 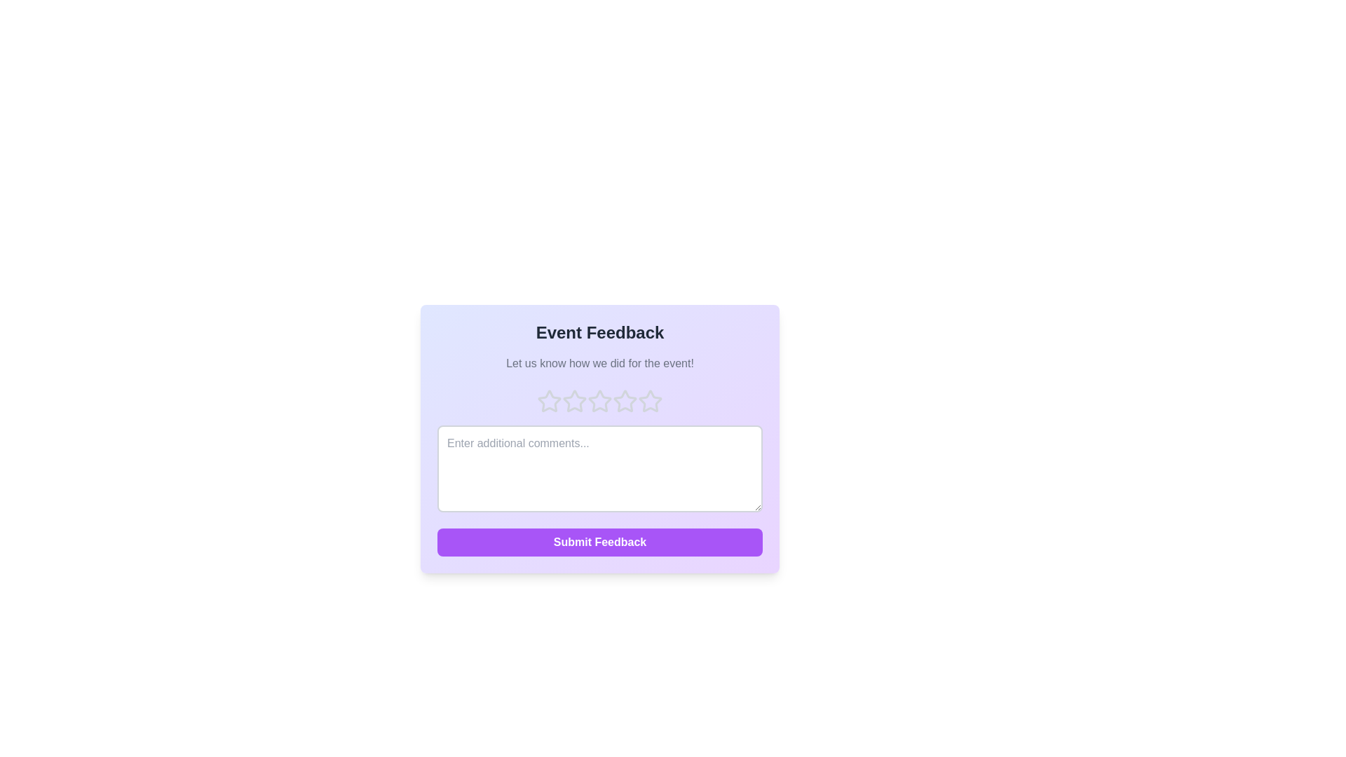 I want to click on the star to provide a rating, so click(x=625, y=401).